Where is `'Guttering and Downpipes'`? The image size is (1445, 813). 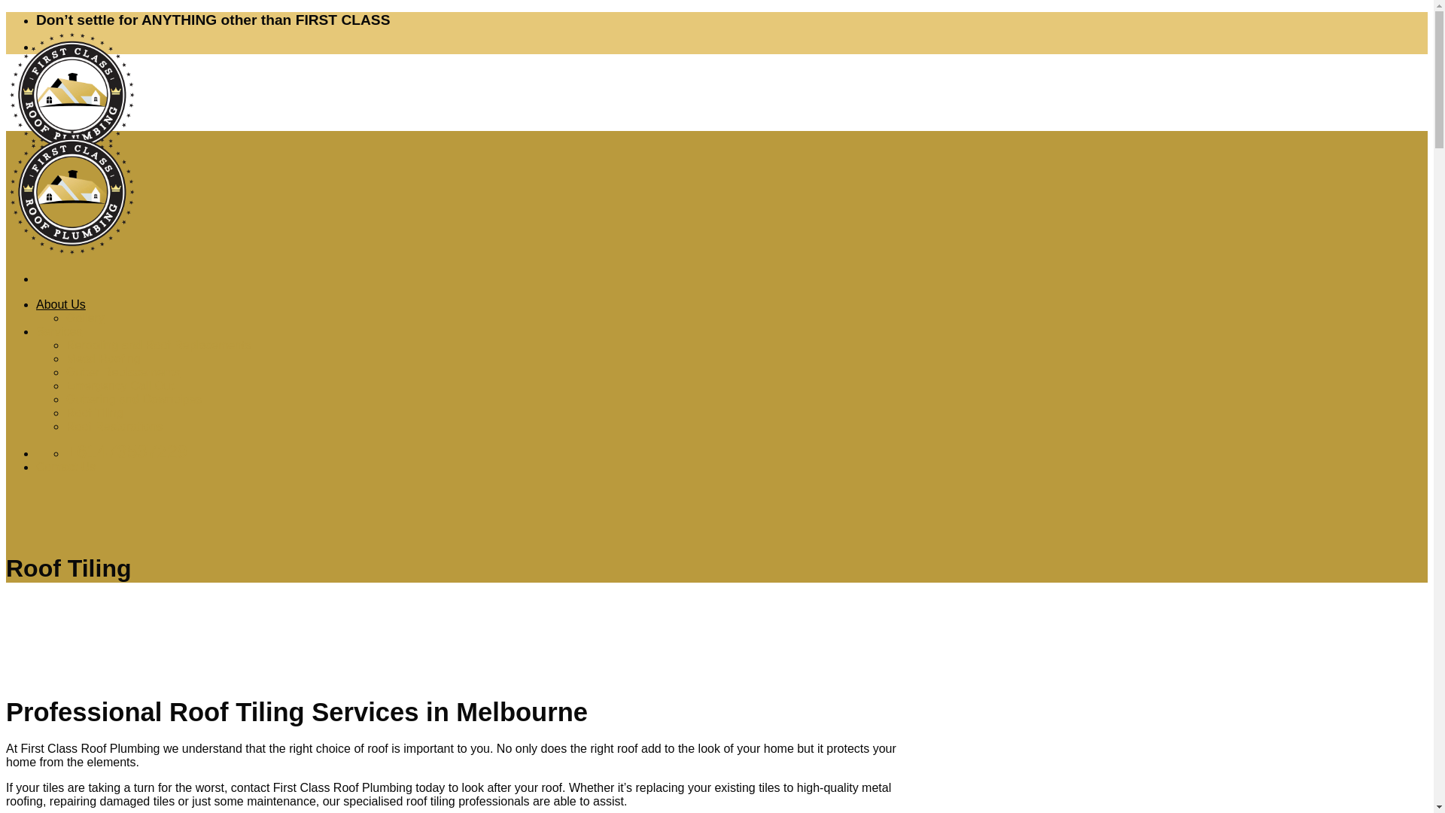 'Guttering and Downpipes' is located at coordinates (134, 398).